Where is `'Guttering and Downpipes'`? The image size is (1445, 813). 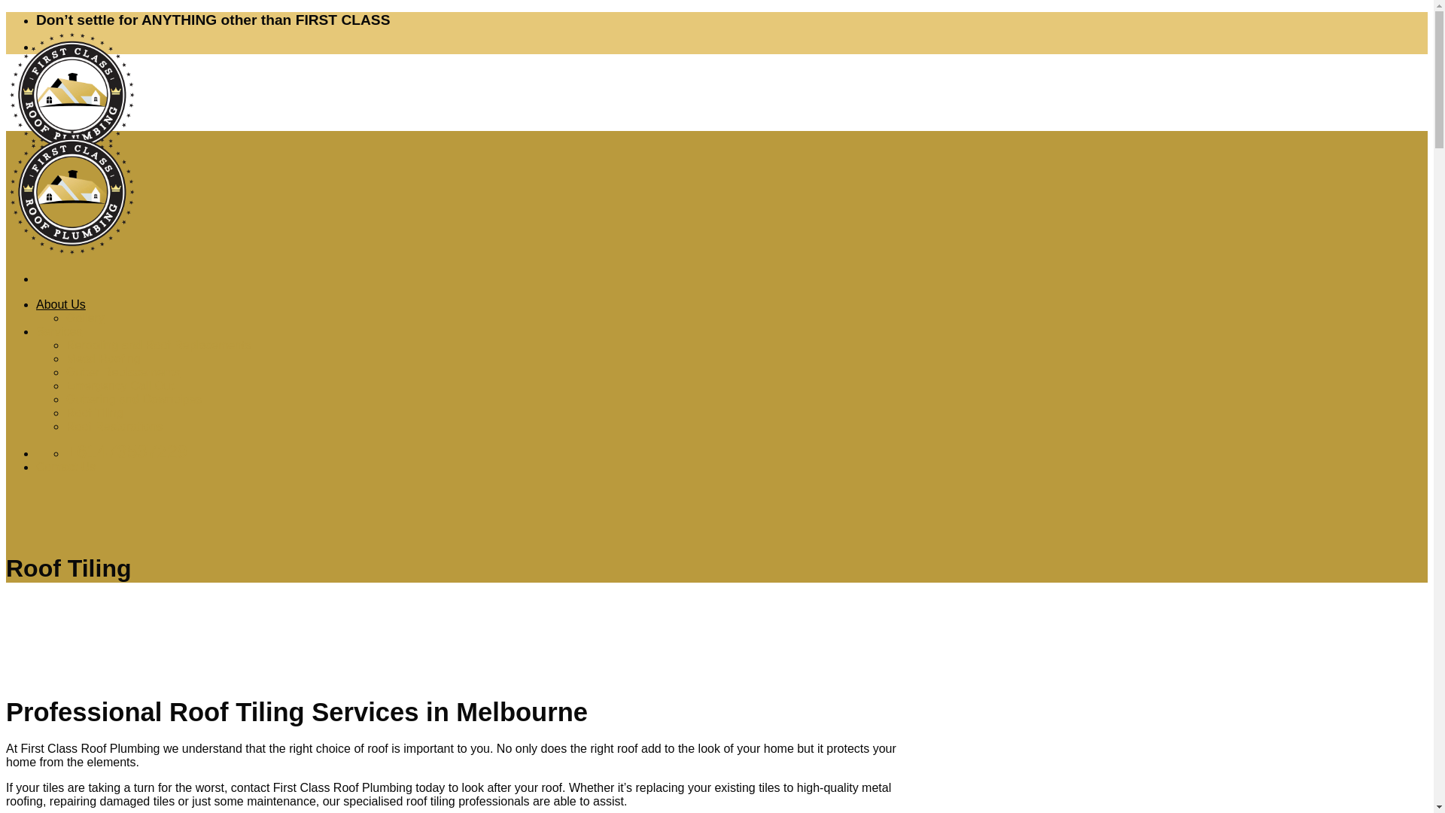 'Guttering and Downpipes' is located at coordinates (134, 398).